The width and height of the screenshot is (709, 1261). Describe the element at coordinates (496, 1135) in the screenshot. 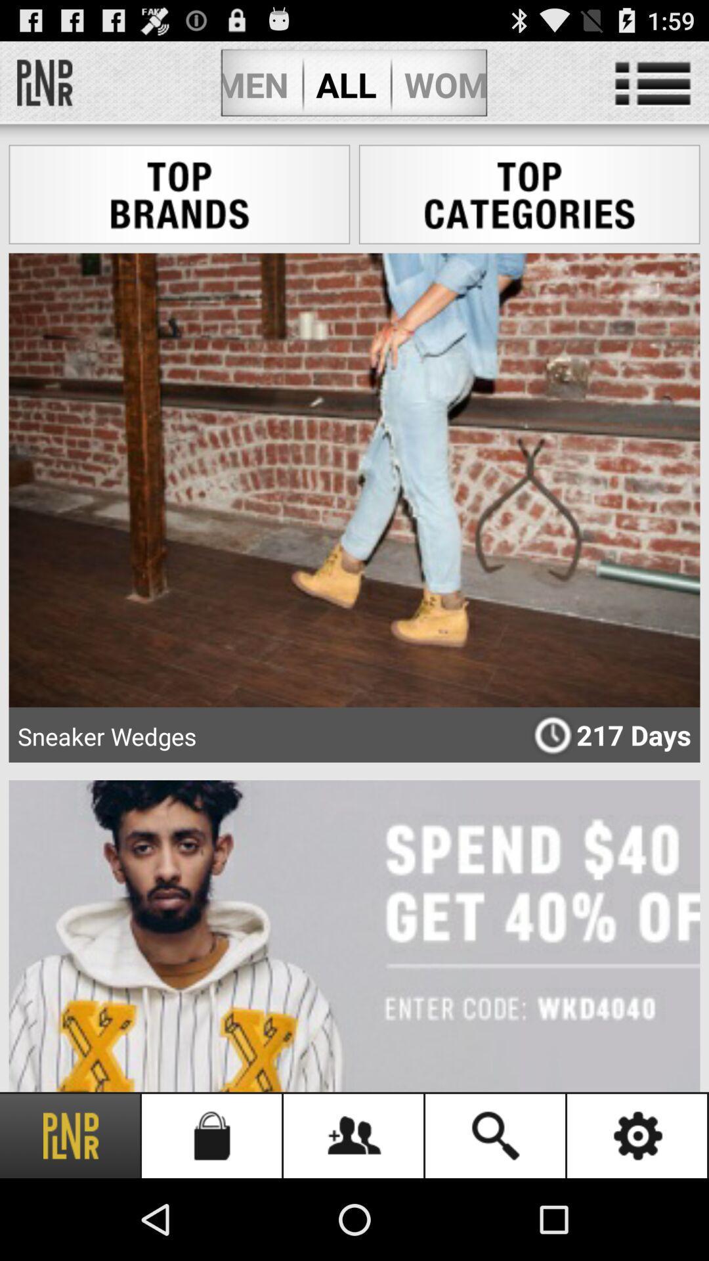

I see `the icon next to setting icon` at that location.